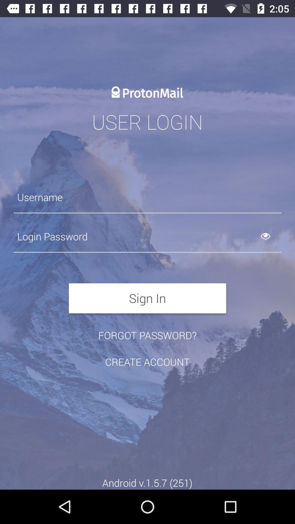  Describe the element at coordinates (147, 362) in the screenshot. I see `the create account item` at that location.